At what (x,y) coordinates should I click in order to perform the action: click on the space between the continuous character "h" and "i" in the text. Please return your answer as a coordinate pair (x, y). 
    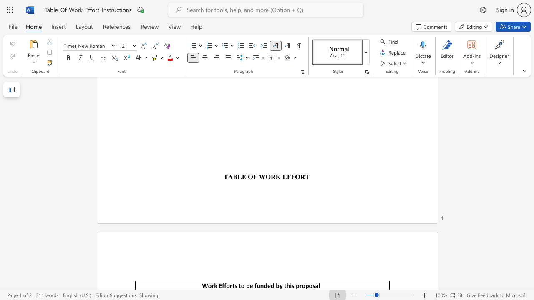
    Looking at the image, I should click on (290, 285).